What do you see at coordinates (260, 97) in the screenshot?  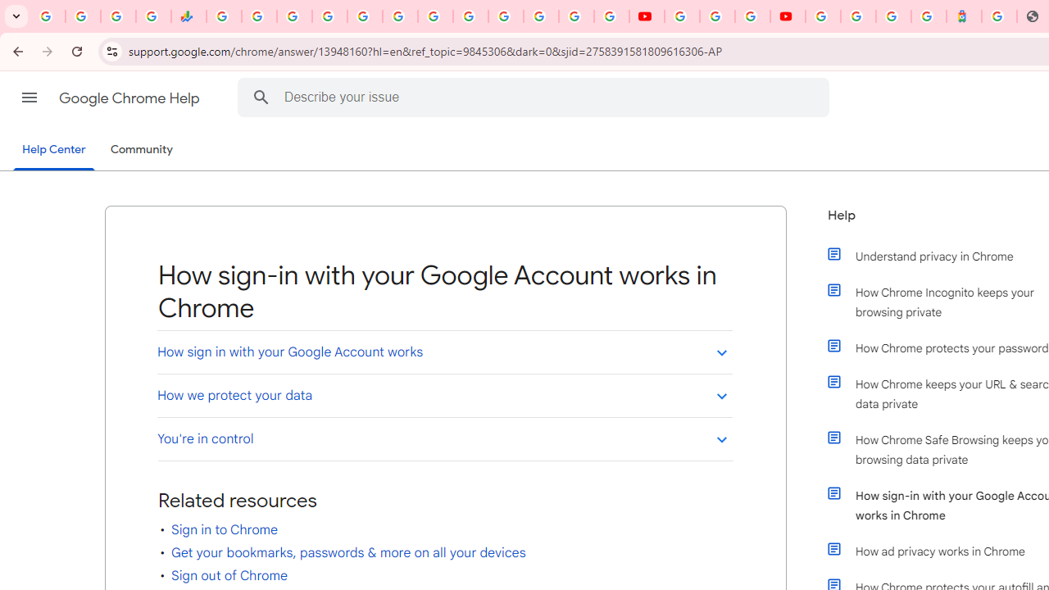 I see `'Search Help Center'` at bounding box center [260, 97].